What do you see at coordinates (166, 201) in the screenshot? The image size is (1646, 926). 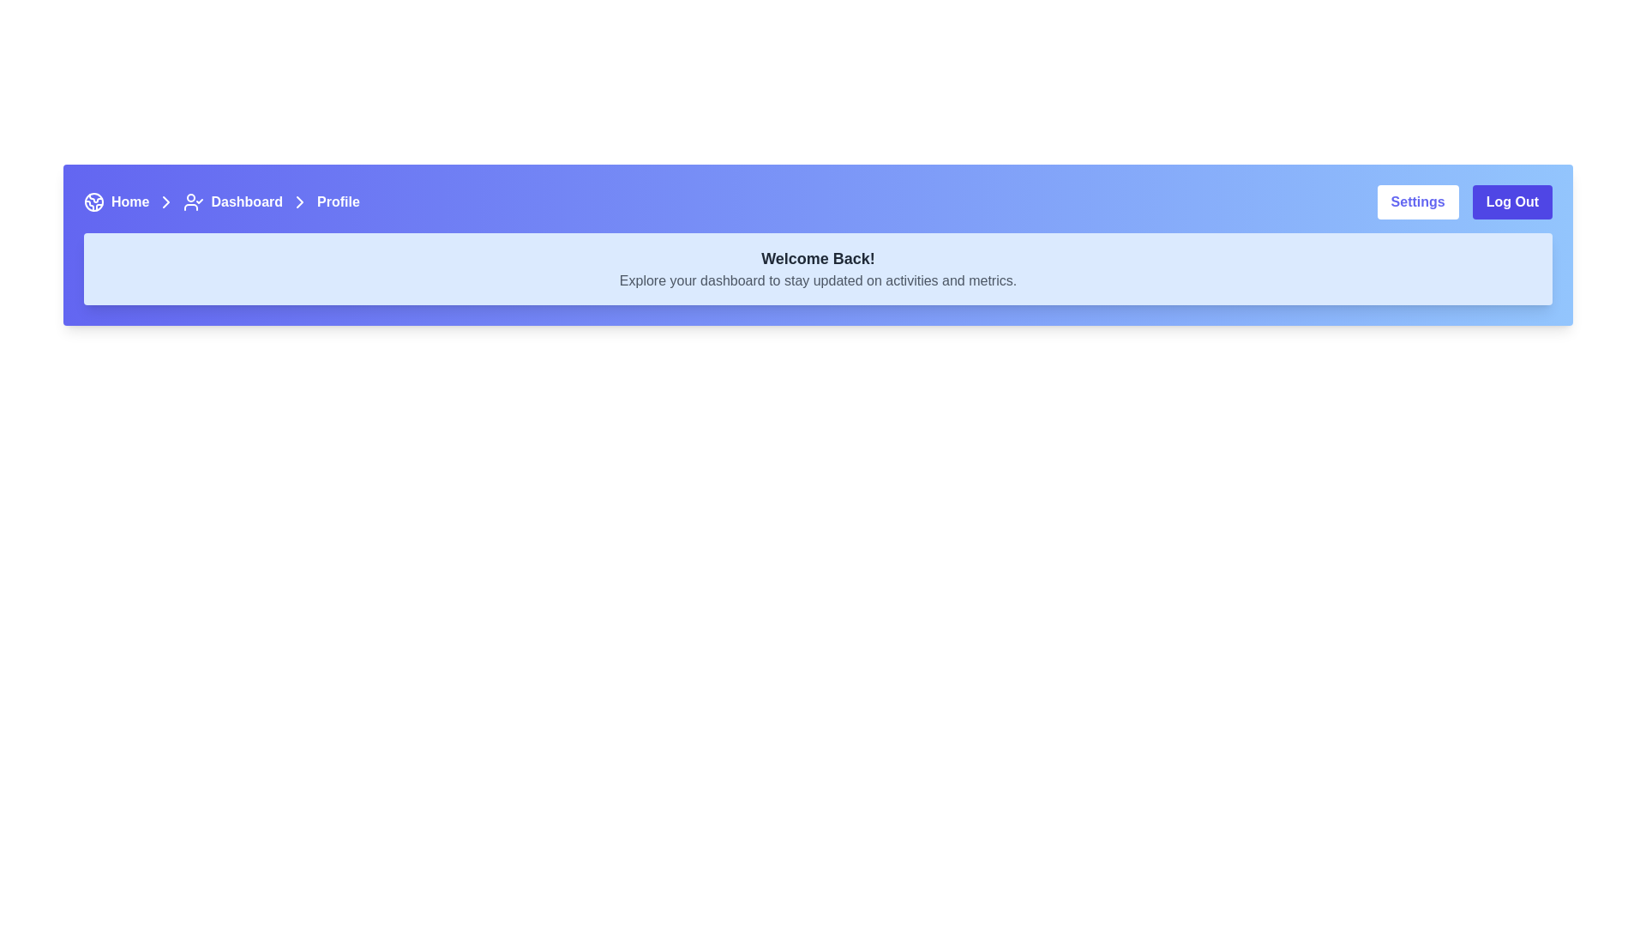 I see `the rightward-pointing chevron icon located in the navigation bar, situated between the 'Dashboard' text and the 'Profile' text` at bounding box center [166, 201].